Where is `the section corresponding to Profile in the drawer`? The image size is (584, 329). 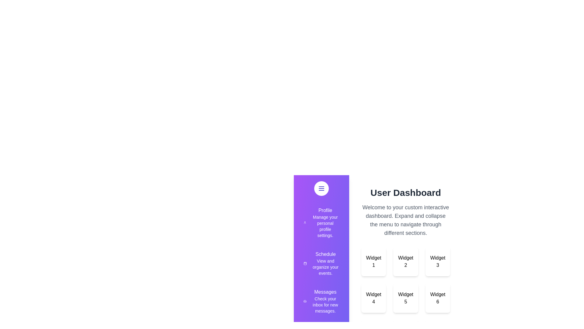 the section corresponding to Profile in the drawer is located at coordinates (321, 223).